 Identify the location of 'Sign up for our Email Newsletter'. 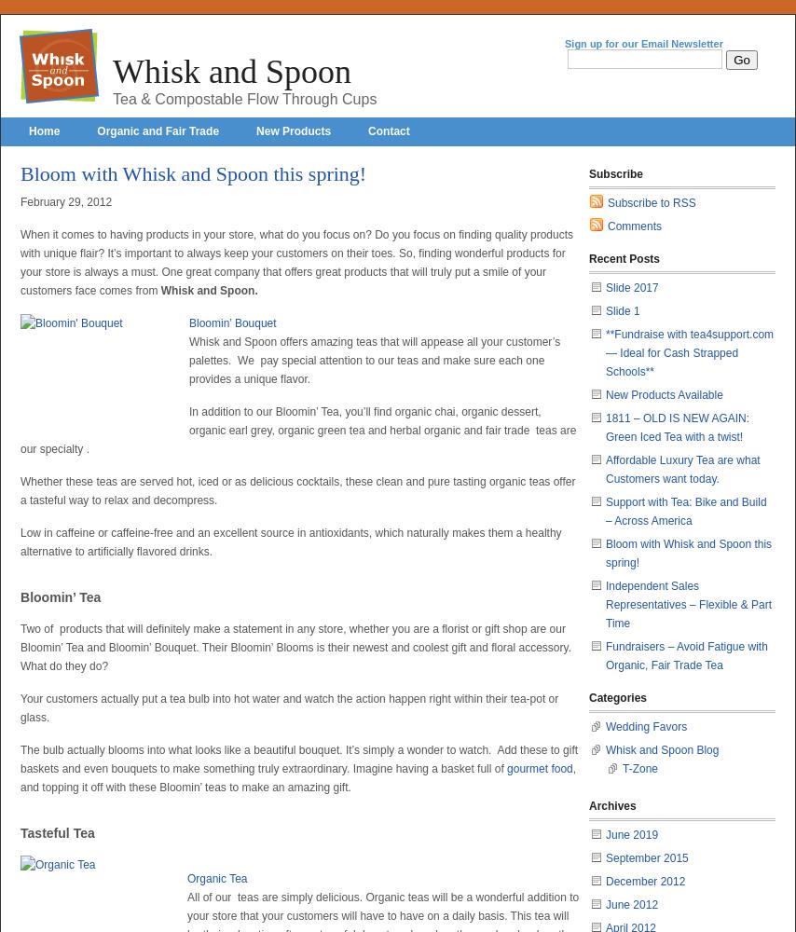
(642, 44).